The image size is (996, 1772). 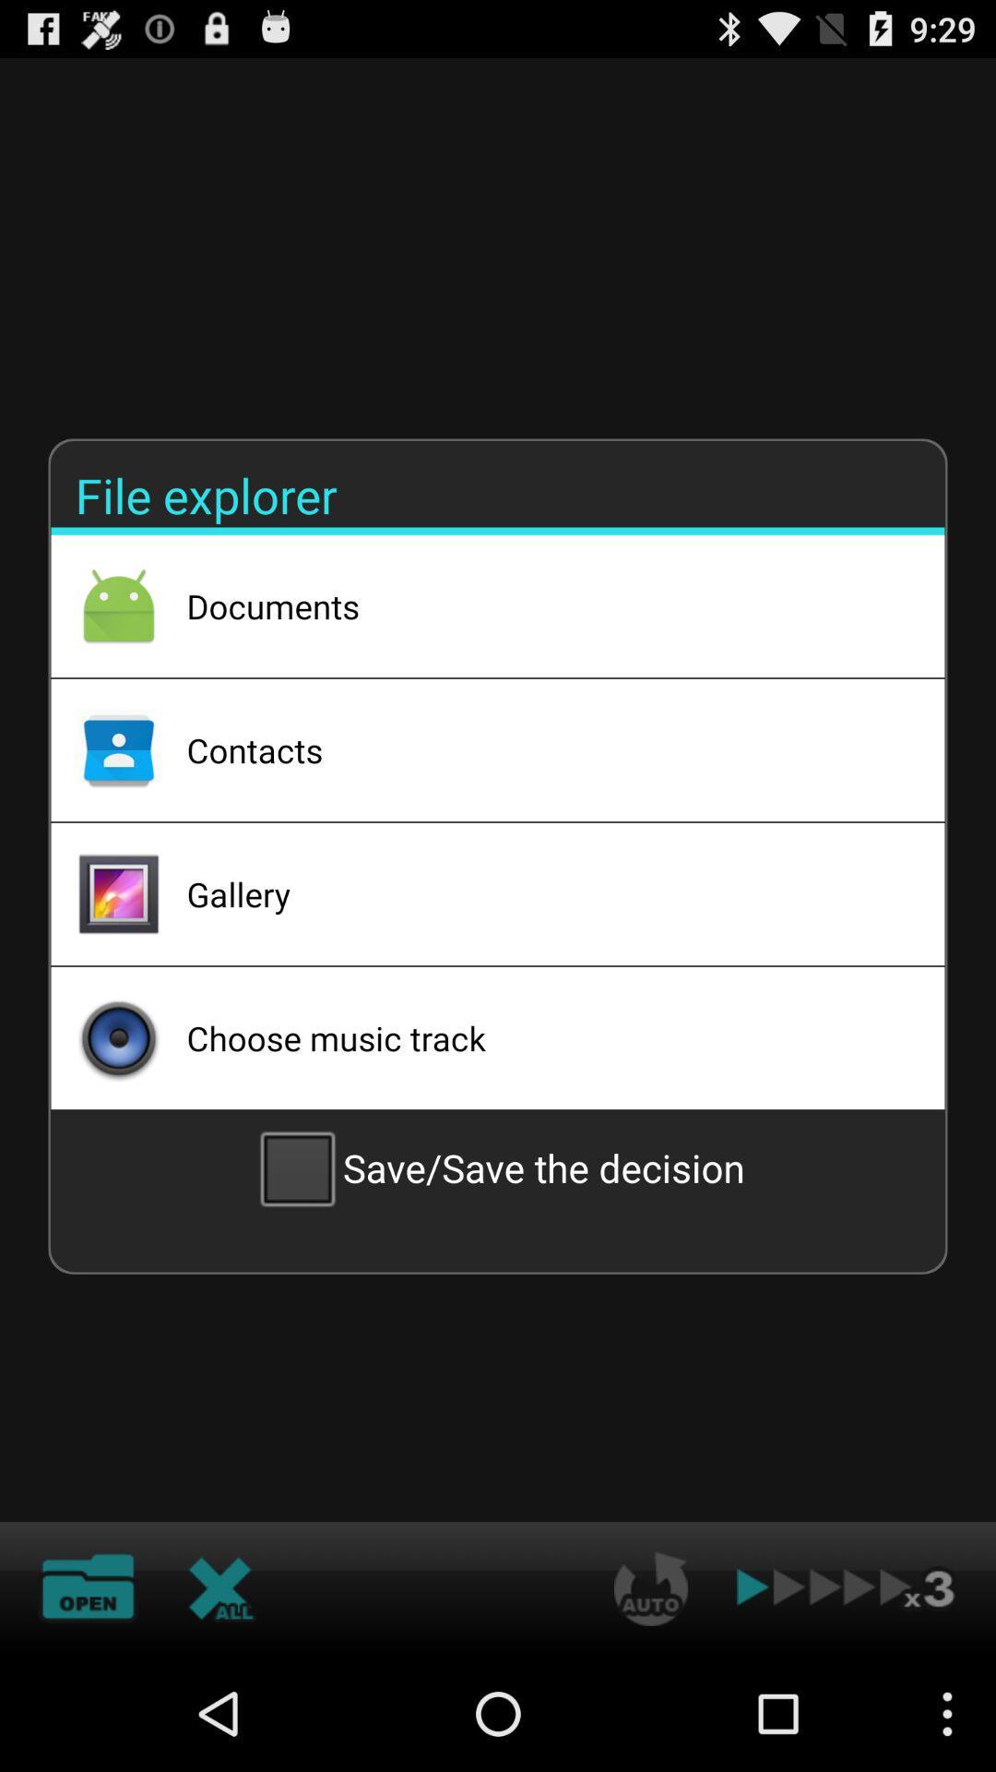 What do you see at coordinates (540, 749) in the screenshot?
I see `the contacts app` at bounding box center [540, 749].